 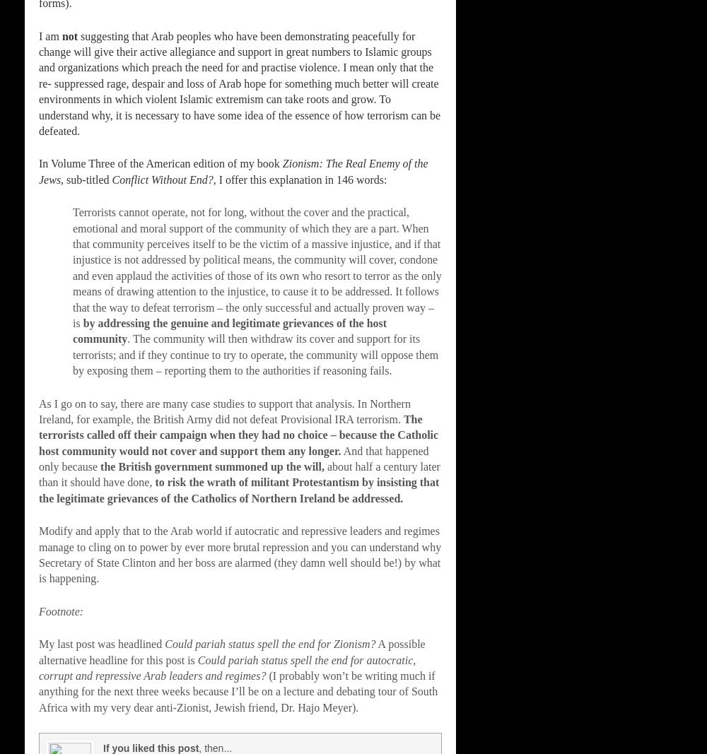 I want to click on 'about half a century later than it should have done,', so click(x=238, y=474).